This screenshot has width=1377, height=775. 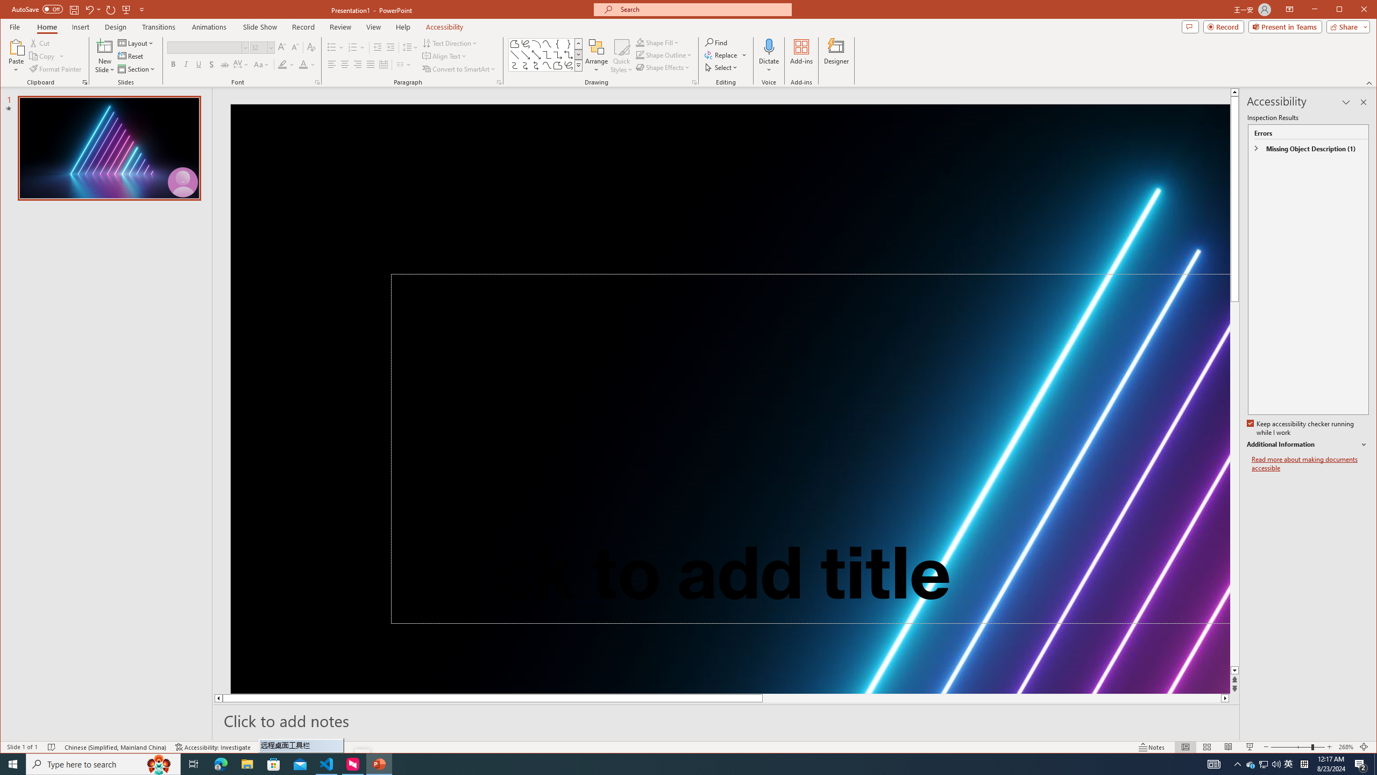 I want to click on 'Connector: Curved', so click(x=515, y=66).